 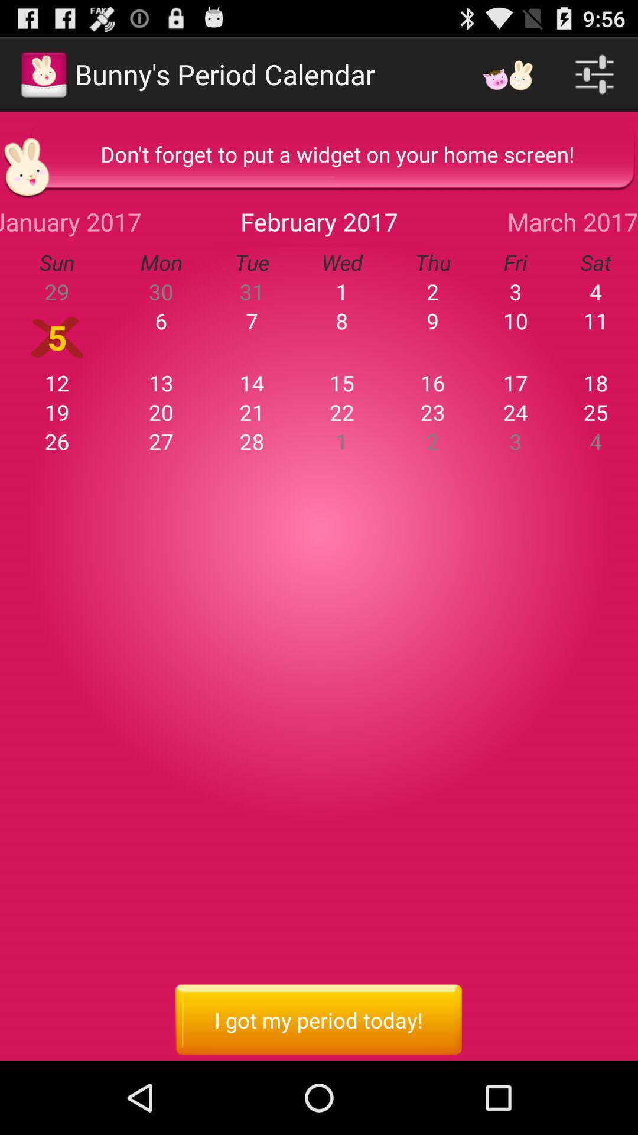 I want to click on the icon to the left of tue icon, so click(x=70, y=221).